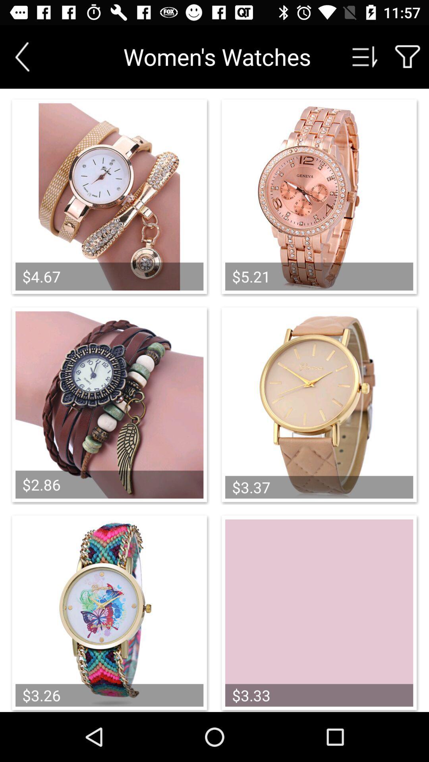  Describe the element at coordinates (408, 56) in the screenshot. I see `filter options` at that location.